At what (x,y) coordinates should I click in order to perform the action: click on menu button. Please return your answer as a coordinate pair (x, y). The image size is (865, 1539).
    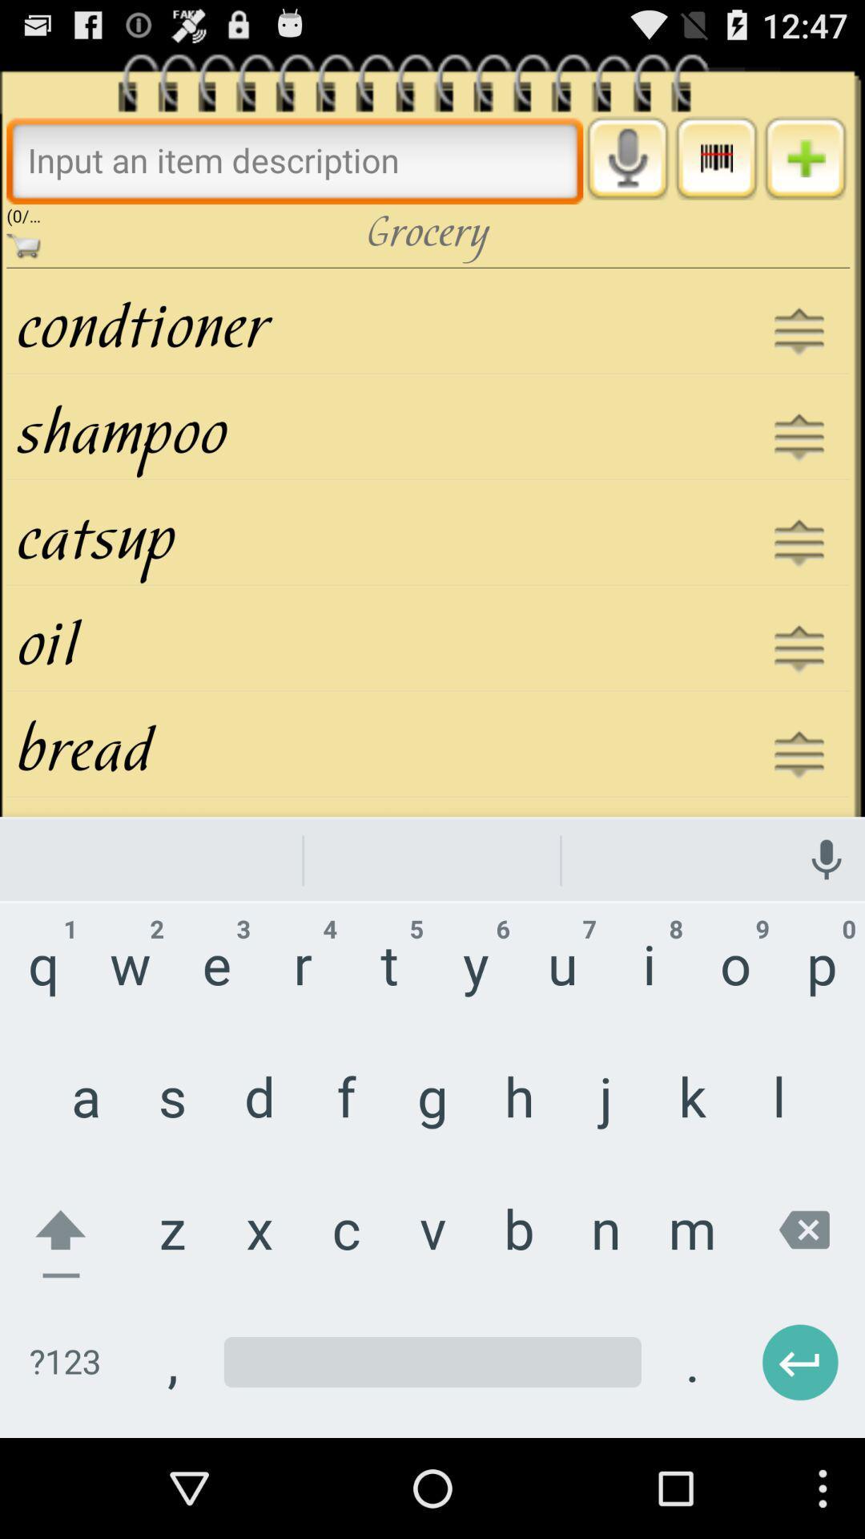
    Looking at the image, I should click on (715, 158).